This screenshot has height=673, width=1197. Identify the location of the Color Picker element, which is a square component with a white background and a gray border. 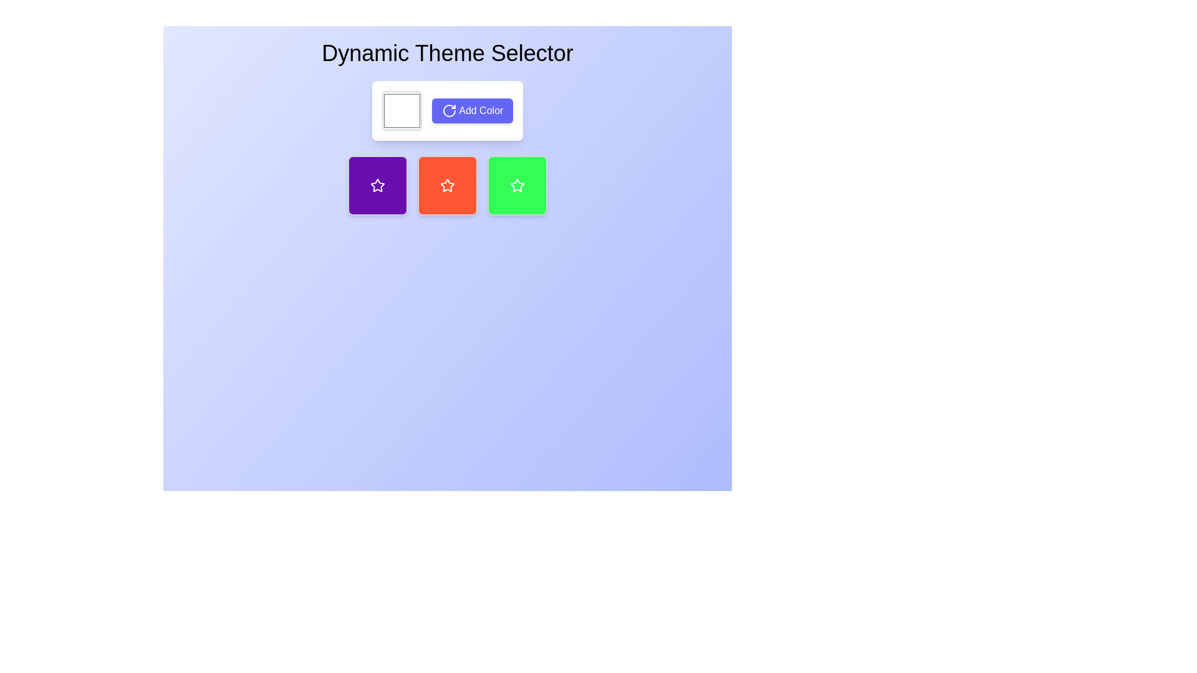
(401, 110).